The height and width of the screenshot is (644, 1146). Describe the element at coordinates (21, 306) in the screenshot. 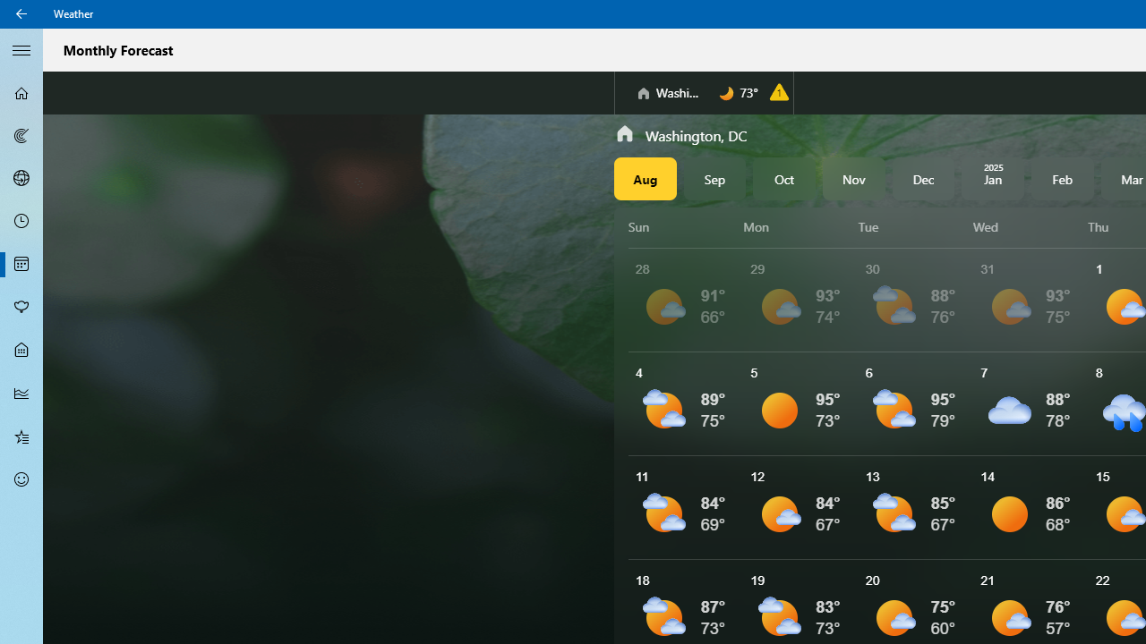

I see `'Pollen - Not Selected'` at that location.